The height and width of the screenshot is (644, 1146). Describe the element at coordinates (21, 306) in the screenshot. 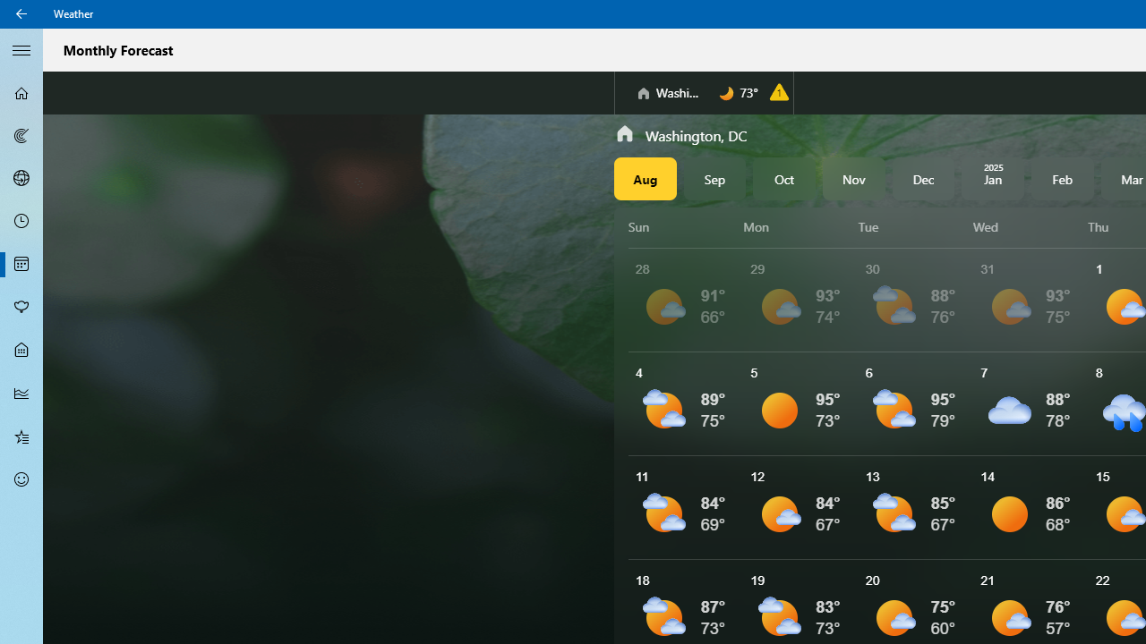

I see `'Pollen - Not Selected'` at that location.